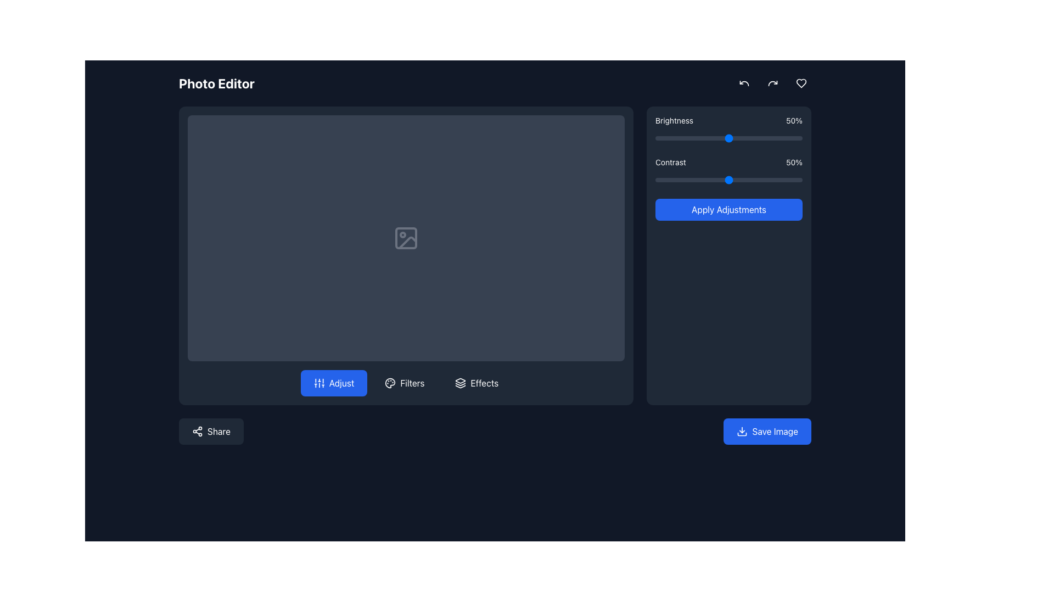 This screenshot has height=593, width=1054. Describe the element at coordinates (404, 382) in the screenshot. I see `the 'Filters' button, which has a dark background and white text with a palette icon, located between the 'Adjust' and 'Effects' buttons at the bottom of the interface` at that location.